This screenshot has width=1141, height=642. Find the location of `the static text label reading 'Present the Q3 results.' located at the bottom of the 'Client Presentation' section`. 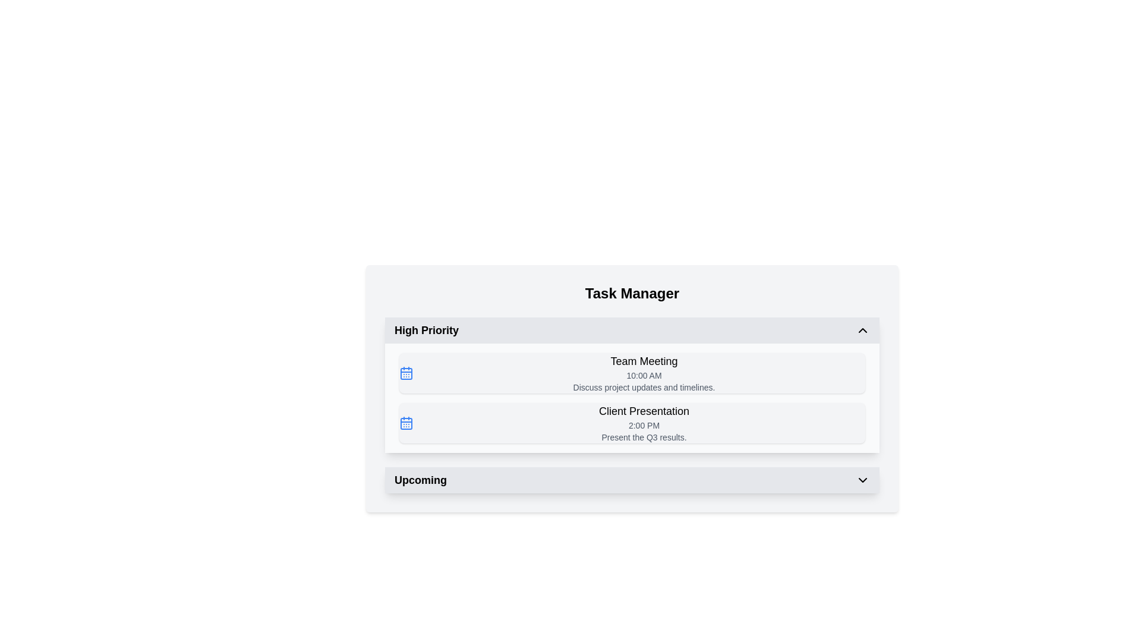

the static text label reading 'Present the Q3 results.' located at the bottom of the 'Client Presentation' section is located at coordinates (644, 438).